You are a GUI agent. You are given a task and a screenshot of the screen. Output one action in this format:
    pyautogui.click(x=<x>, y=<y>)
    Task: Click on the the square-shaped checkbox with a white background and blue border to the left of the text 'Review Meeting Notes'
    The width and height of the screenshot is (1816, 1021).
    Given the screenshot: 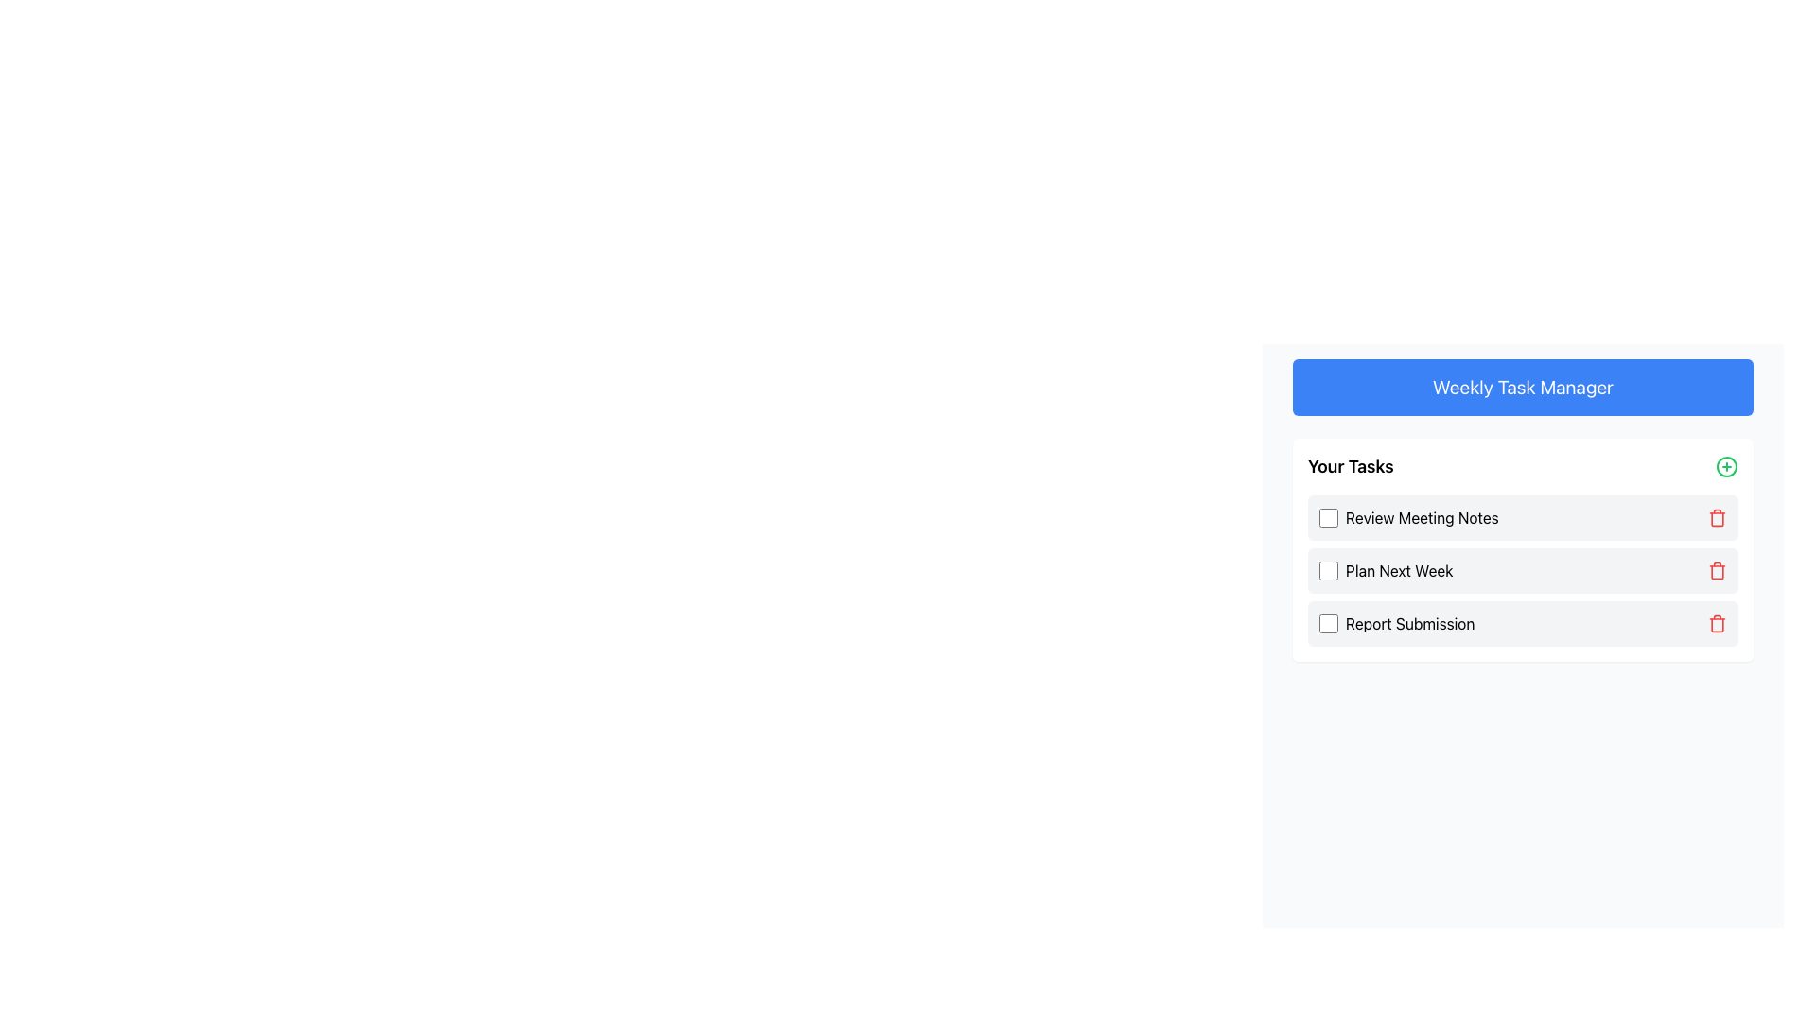 What is the action you would take?
    pyautogui.click(x=1328, y=517)
    